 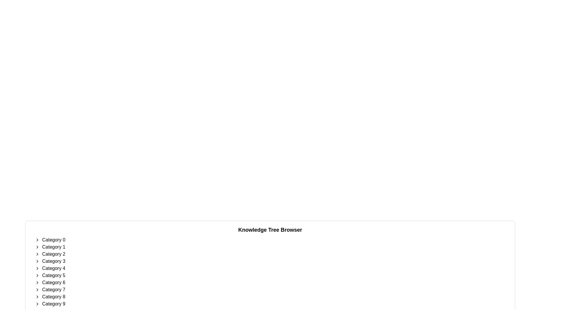 What do you see at coordinates (37, 304) in the screenshot?
I see `the chevron icon located to the left of the 'Category 9' text` at bounding box center [37, 304].